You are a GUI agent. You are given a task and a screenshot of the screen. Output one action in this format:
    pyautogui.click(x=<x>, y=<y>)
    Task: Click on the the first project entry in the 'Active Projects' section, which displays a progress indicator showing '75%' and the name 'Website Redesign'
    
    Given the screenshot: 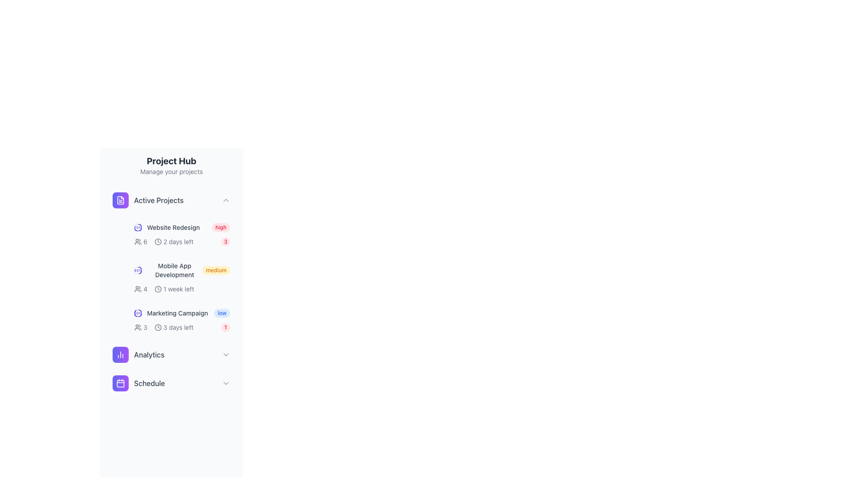 What is the action you would take?
    pyautogui.click(x=167, y=227)
    